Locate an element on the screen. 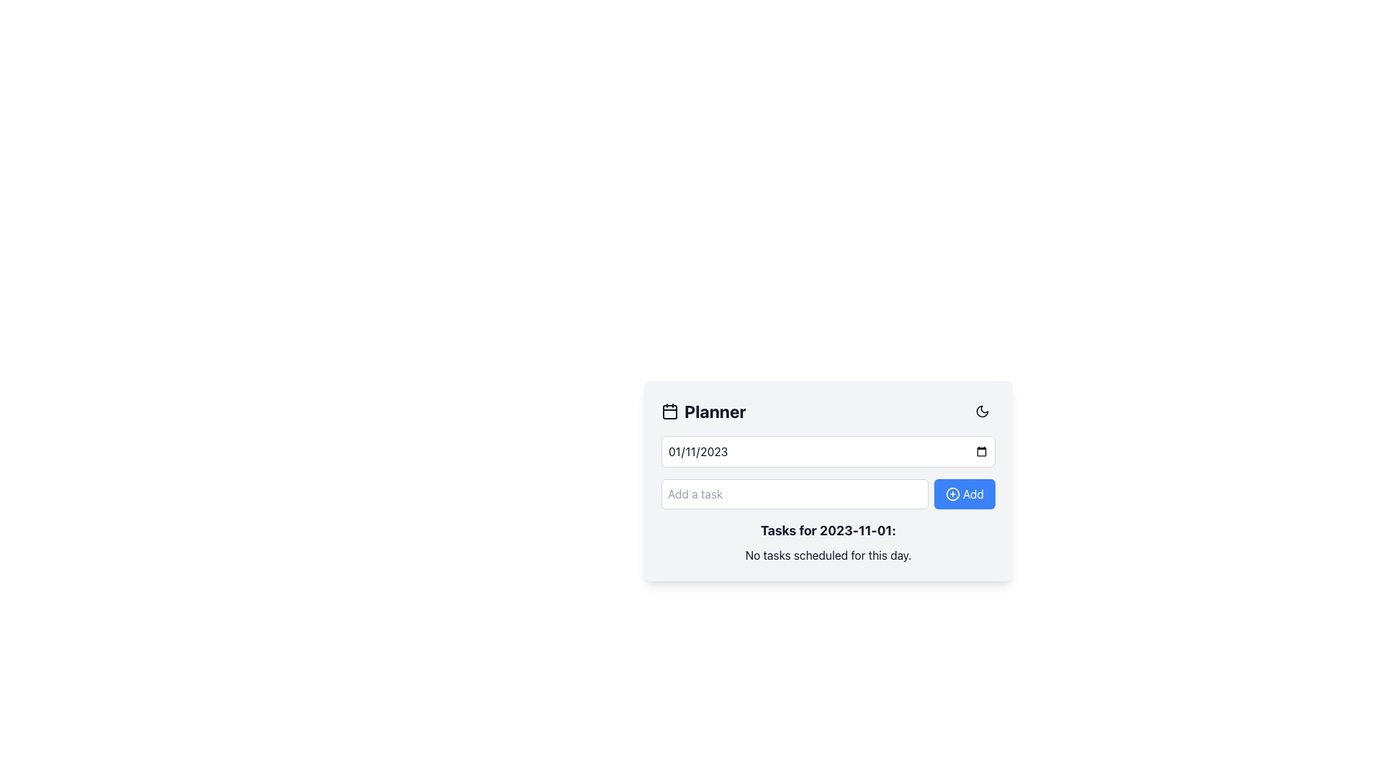  the minimalistic moon icon located in the upper-right corner of the interface's main card is located at coordinates (981, 411).